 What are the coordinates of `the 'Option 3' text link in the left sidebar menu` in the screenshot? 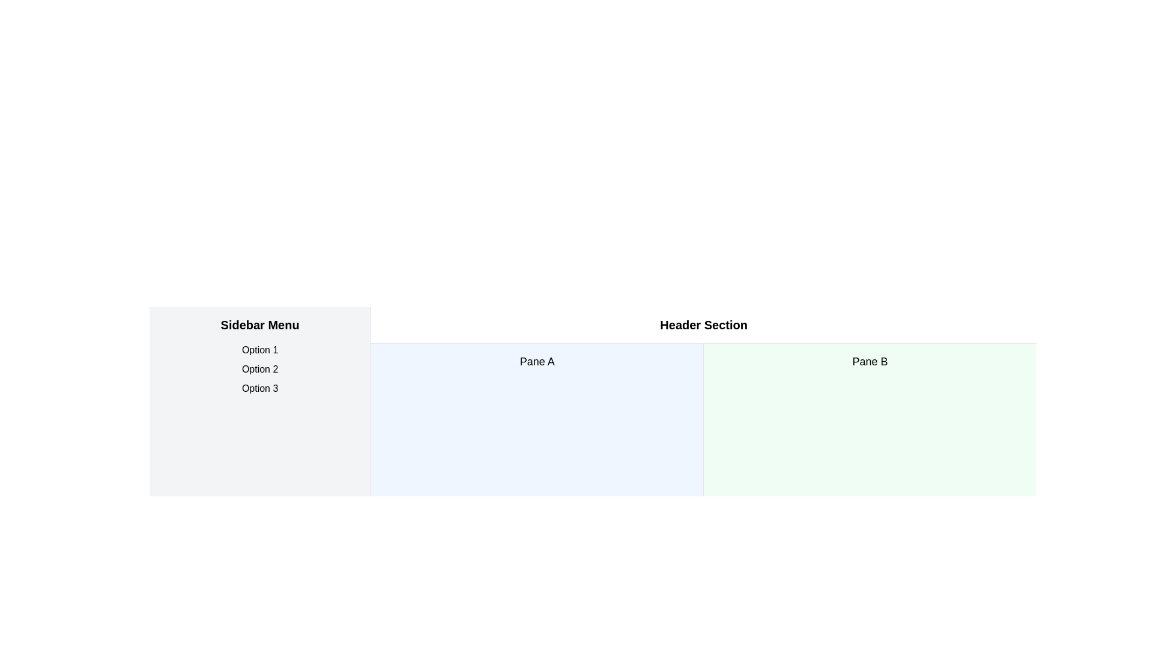 It's located at (259, 389).